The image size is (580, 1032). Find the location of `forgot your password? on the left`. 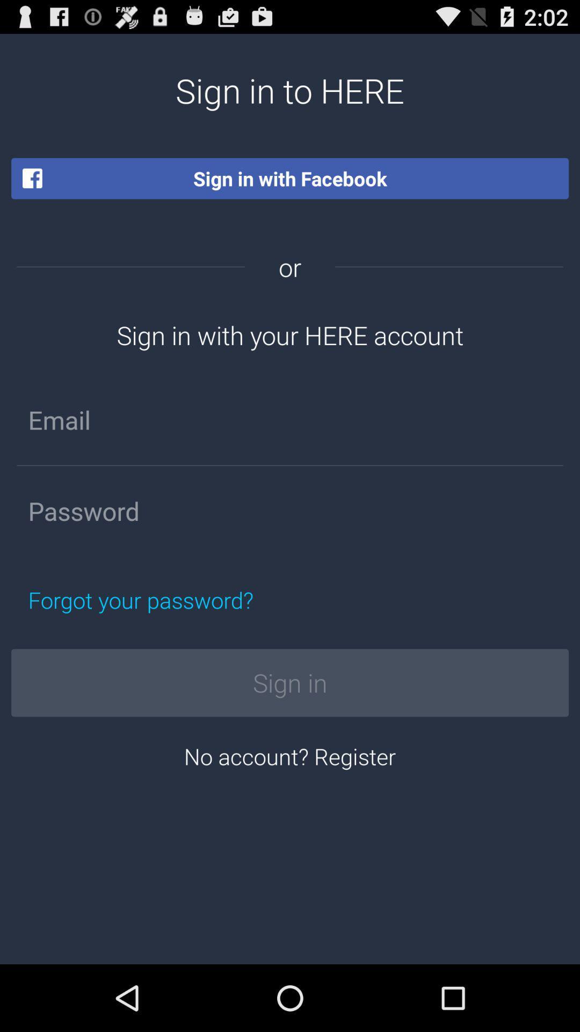

forgot your password? on the left is located at coordinates (191, 599).